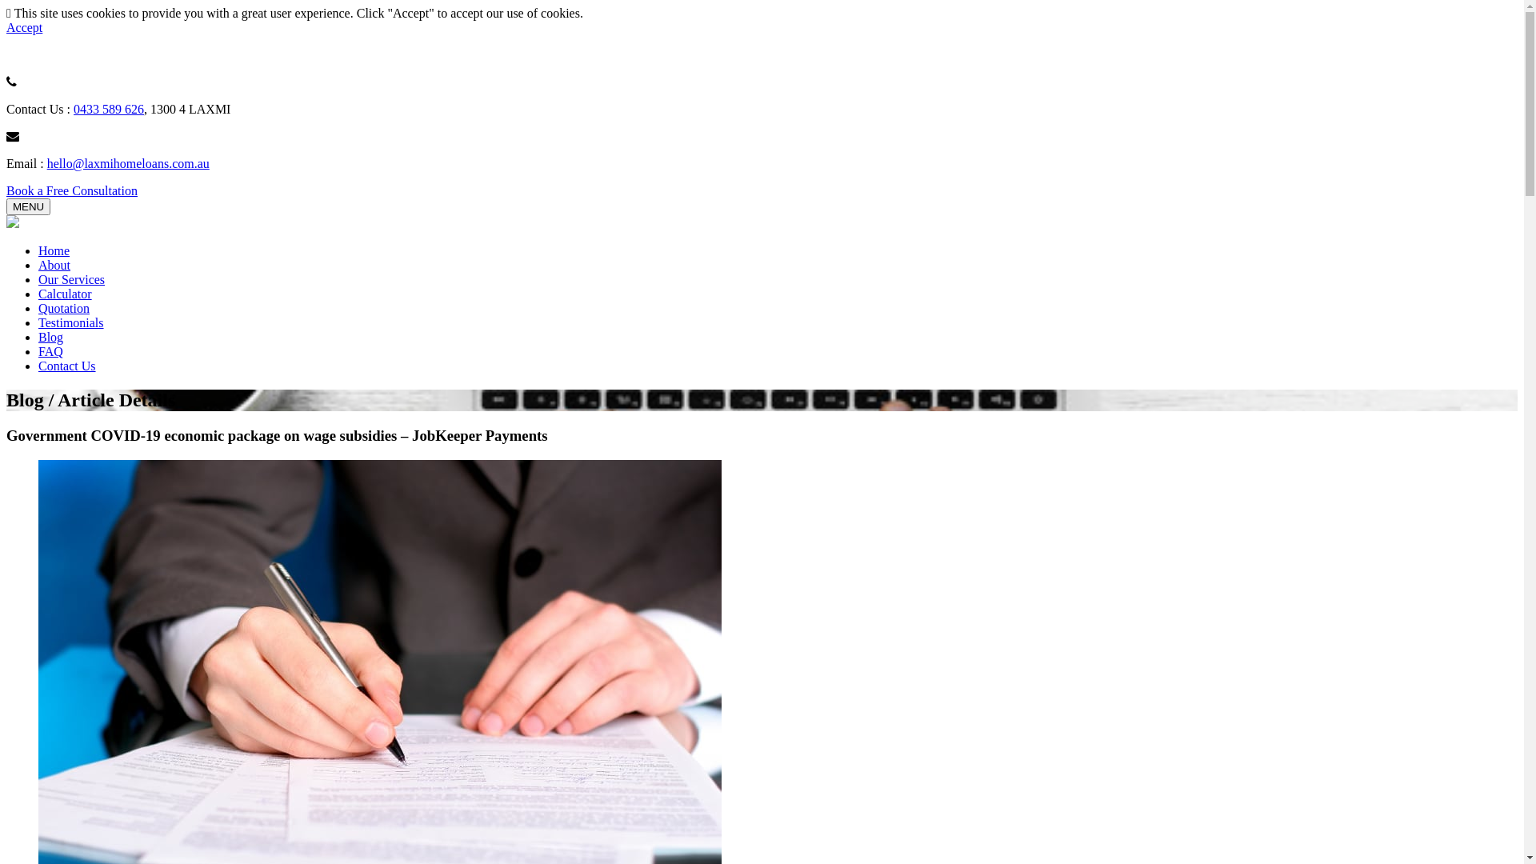  I want to click on 'Testimonials', so click(70, 322).